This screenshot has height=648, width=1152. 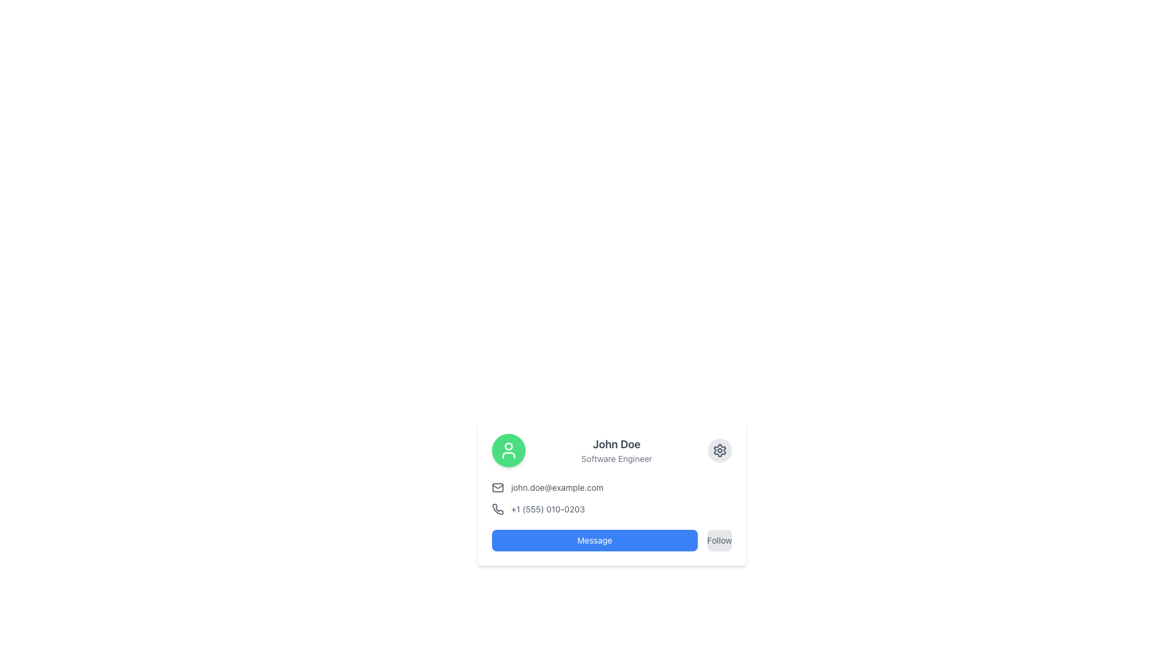 What do you see at coordinates (509, 451) in the screenshot?
I see `the user profile icon located within the green circular area on the left side of the card layout` at bounding box center [509, 451].